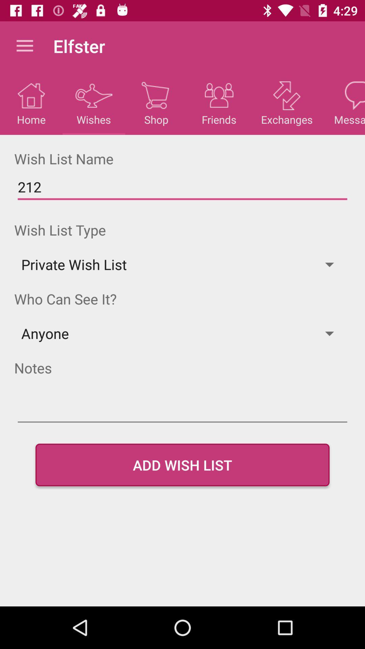 The image size is (365, 649). What do you see at coordinates (182, 187) in the screenshot?
I see `the icon above the wish list type item` at bounding box center [182, 187].